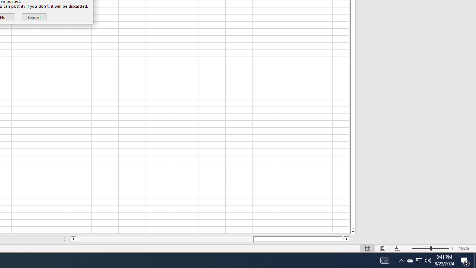  Describe the element at coordinates (397, 248) in the screenshot. I see `'Page Break Preview'` at that location.